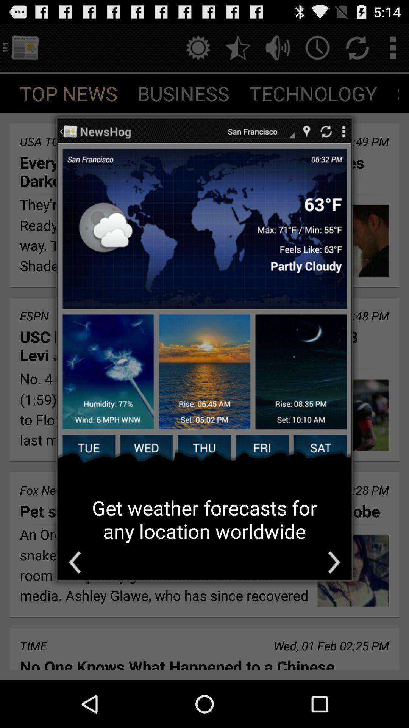  Describe the element at coordinates (75, 562) in the screenshot. I see `previous option` at that location.